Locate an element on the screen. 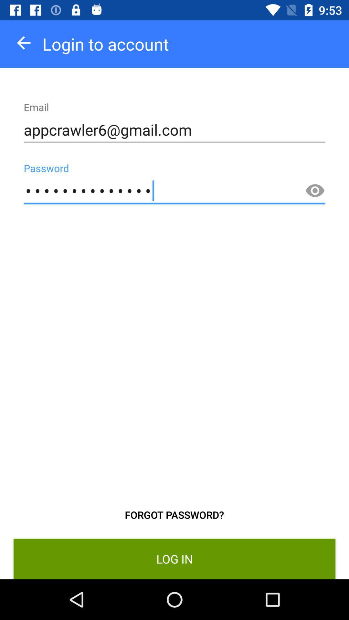 The height and width of the screenshot is (620, 349). item below forgot password? is located at coordinates (174, 559).